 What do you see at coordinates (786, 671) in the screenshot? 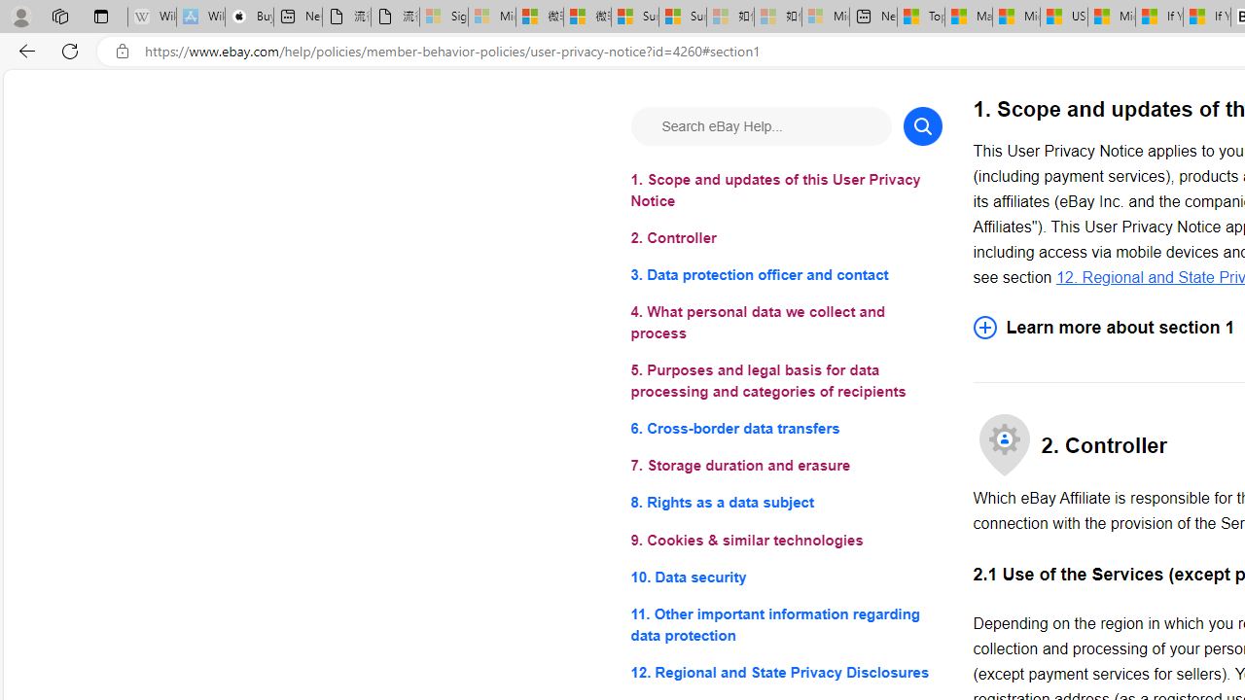
I see `'12. Regional and State Privacy Disclosures'` at bounding box center [786, 671].